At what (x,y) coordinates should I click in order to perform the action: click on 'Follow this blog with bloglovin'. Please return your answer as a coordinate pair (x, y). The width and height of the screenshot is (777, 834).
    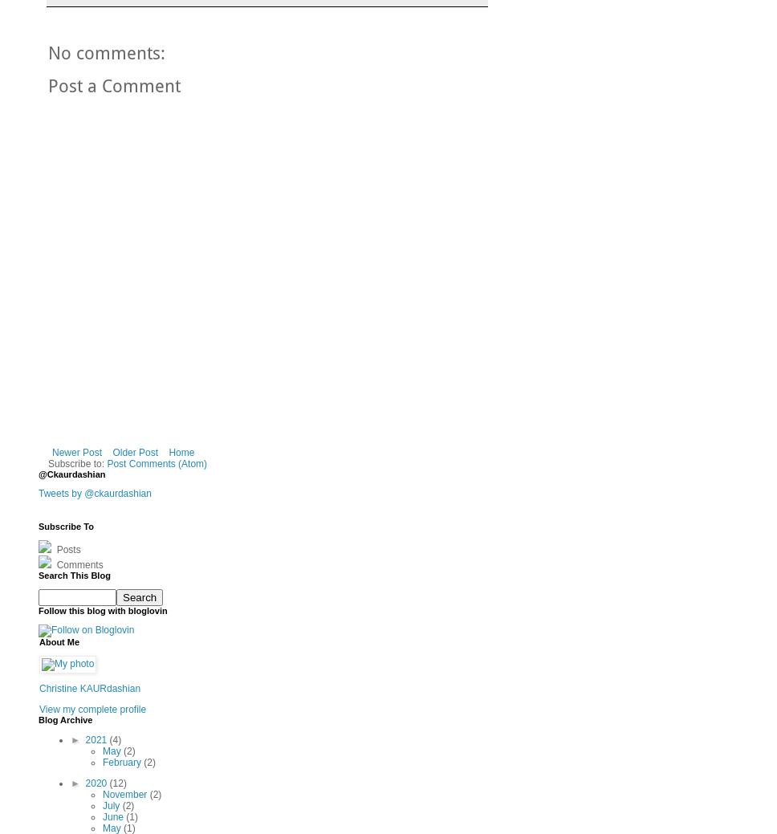
    Looking at the image, I should click on (101, 609).